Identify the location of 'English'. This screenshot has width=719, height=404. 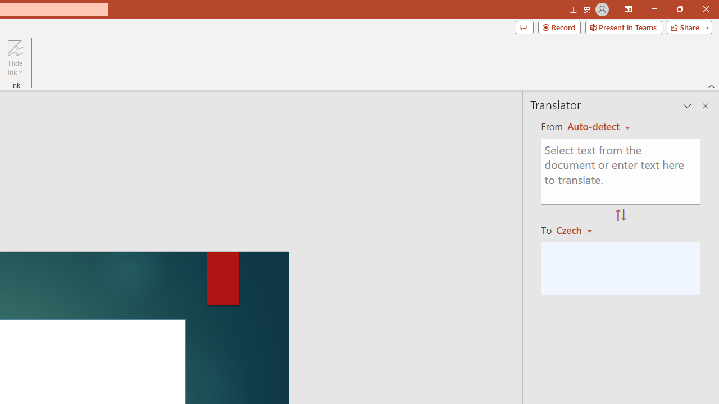
(598, 126).